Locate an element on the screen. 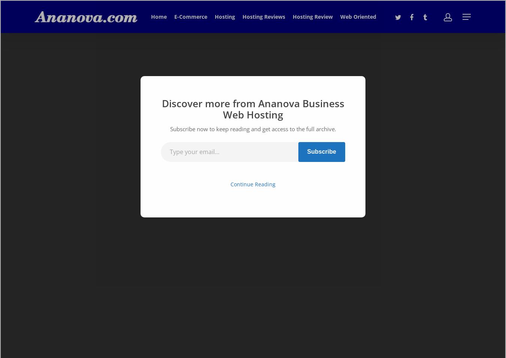 This screenshot has width=506, height=358. 'Hosting Review' is located at coordinates (313, 16).